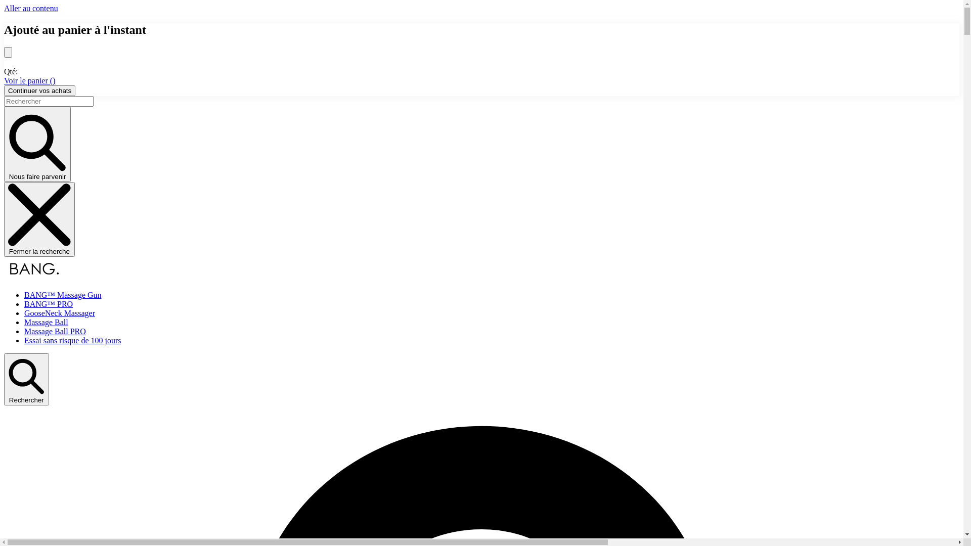 The width and height of the screenshot is (971, 546). Describe the element at coordinates (59, 312) in the screenshot. I see `'GooseNeck Massager'` at that location.